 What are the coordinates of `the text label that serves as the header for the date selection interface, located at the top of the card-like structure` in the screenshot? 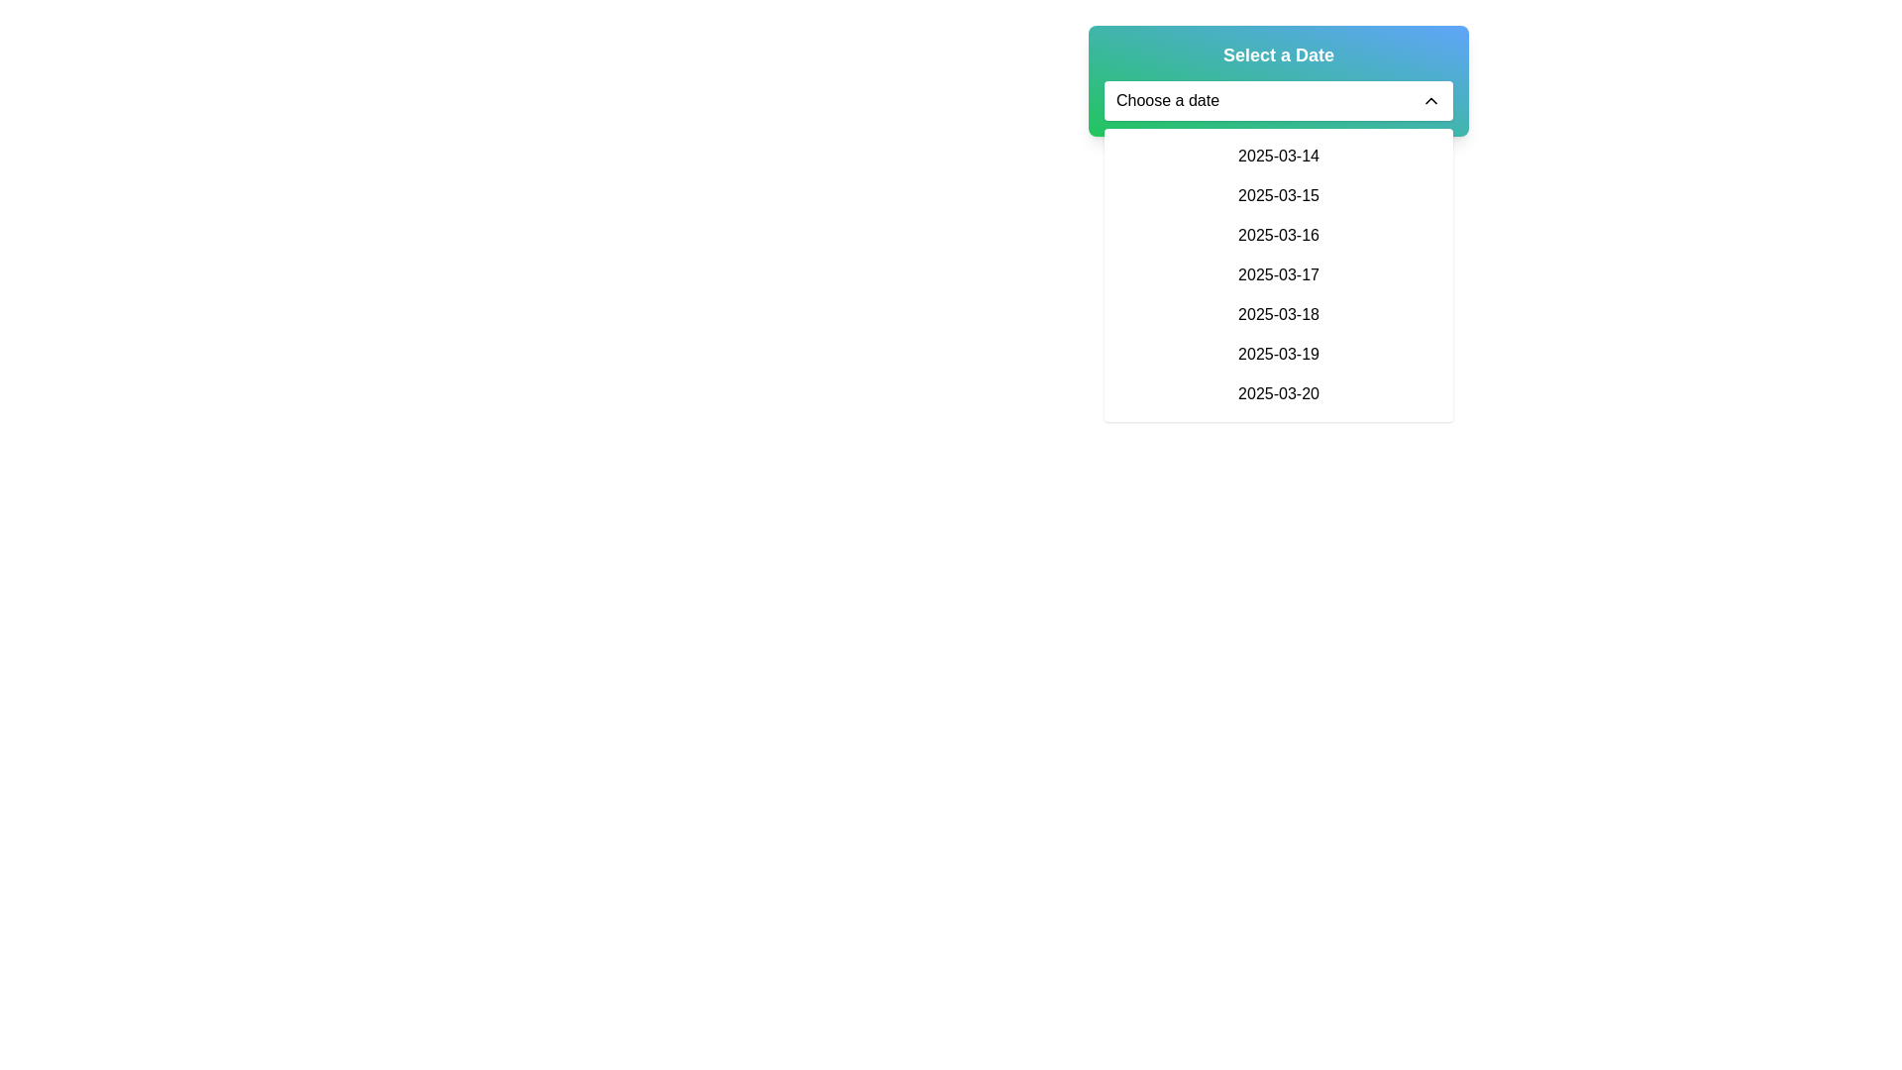 It's located at (1279, 54).